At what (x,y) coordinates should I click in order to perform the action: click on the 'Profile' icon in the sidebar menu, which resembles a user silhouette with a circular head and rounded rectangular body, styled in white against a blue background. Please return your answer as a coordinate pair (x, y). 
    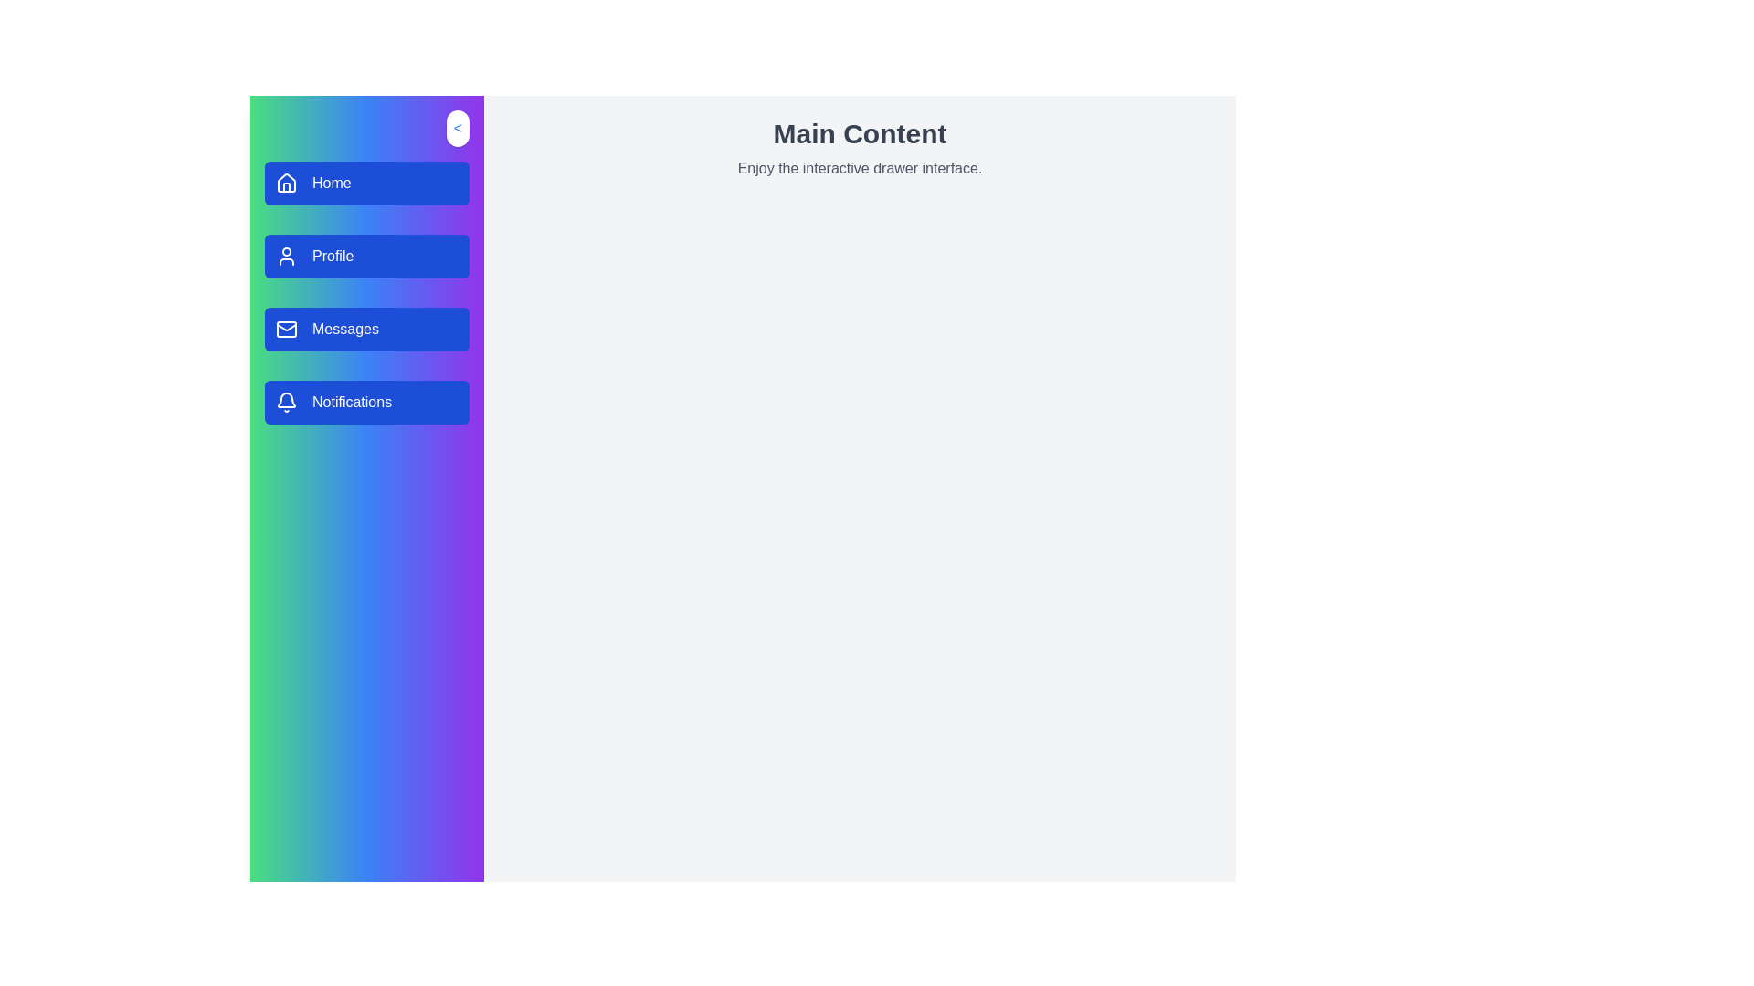
    Looking at the image, I should click on (285, 257).